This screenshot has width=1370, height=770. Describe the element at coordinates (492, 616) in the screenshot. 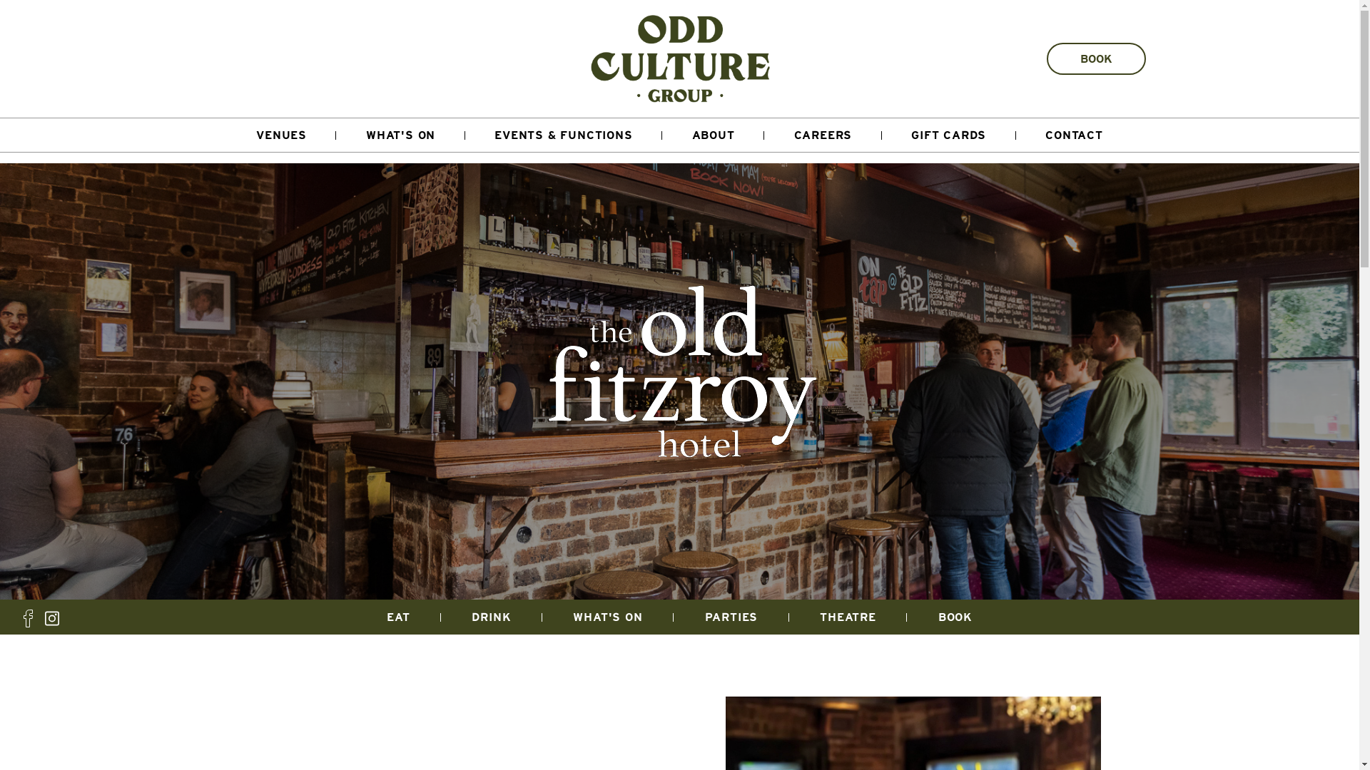

I see `'DRINK'` at that location.